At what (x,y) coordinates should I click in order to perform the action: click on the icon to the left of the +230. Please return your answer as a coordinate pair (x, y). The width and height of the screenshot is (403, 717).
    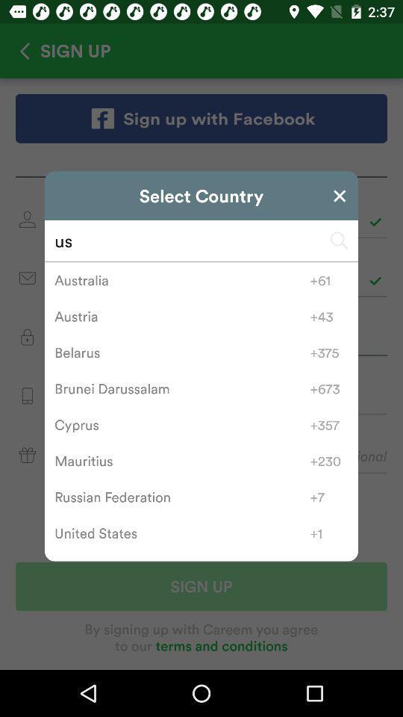
    Looking at the image, I should click on (182, 460).